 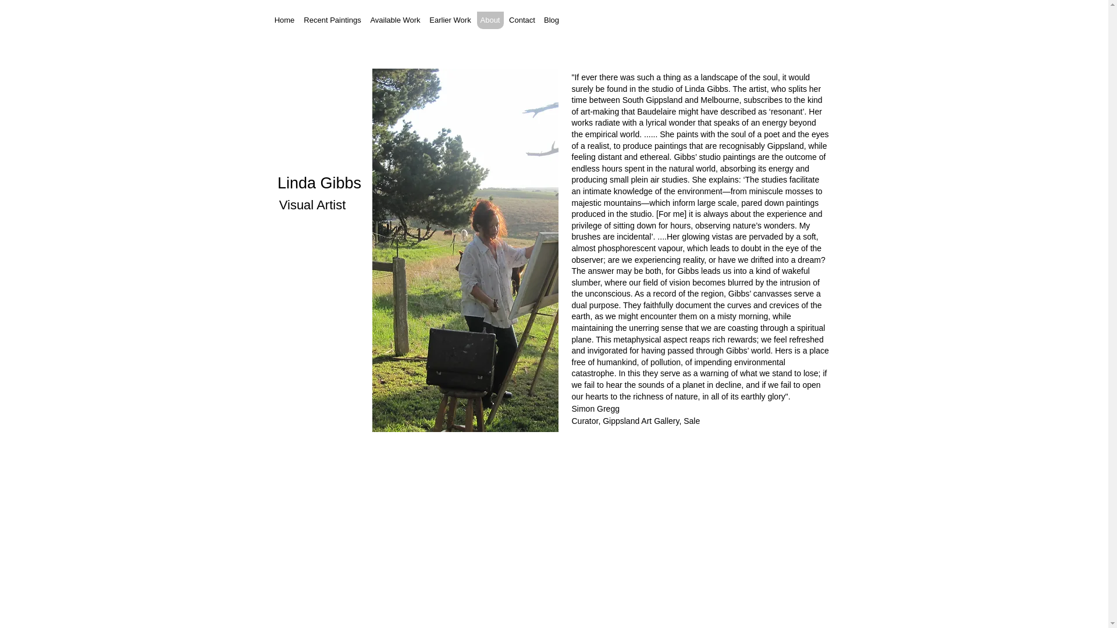 What do you see at coordinates (506, 20) in the screenshot?
I see `'Contact'` at bounding box center [506, 20].